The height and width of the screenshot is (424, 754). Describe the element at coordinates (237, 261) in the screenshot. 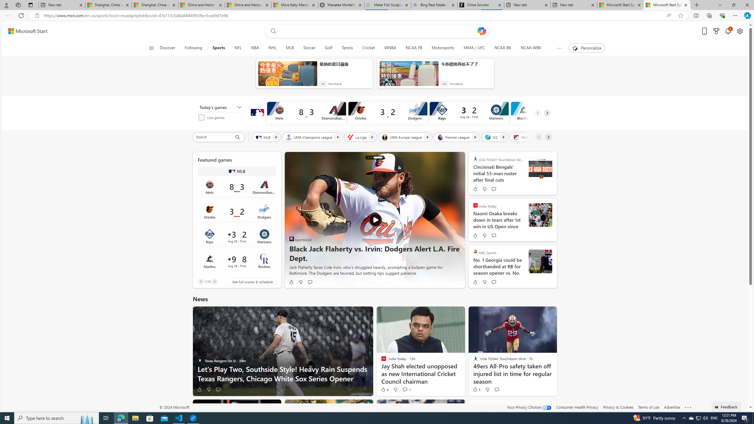

I see `'Marlins 9 vs Rockies 8Final Date Aug 28'` at that location.